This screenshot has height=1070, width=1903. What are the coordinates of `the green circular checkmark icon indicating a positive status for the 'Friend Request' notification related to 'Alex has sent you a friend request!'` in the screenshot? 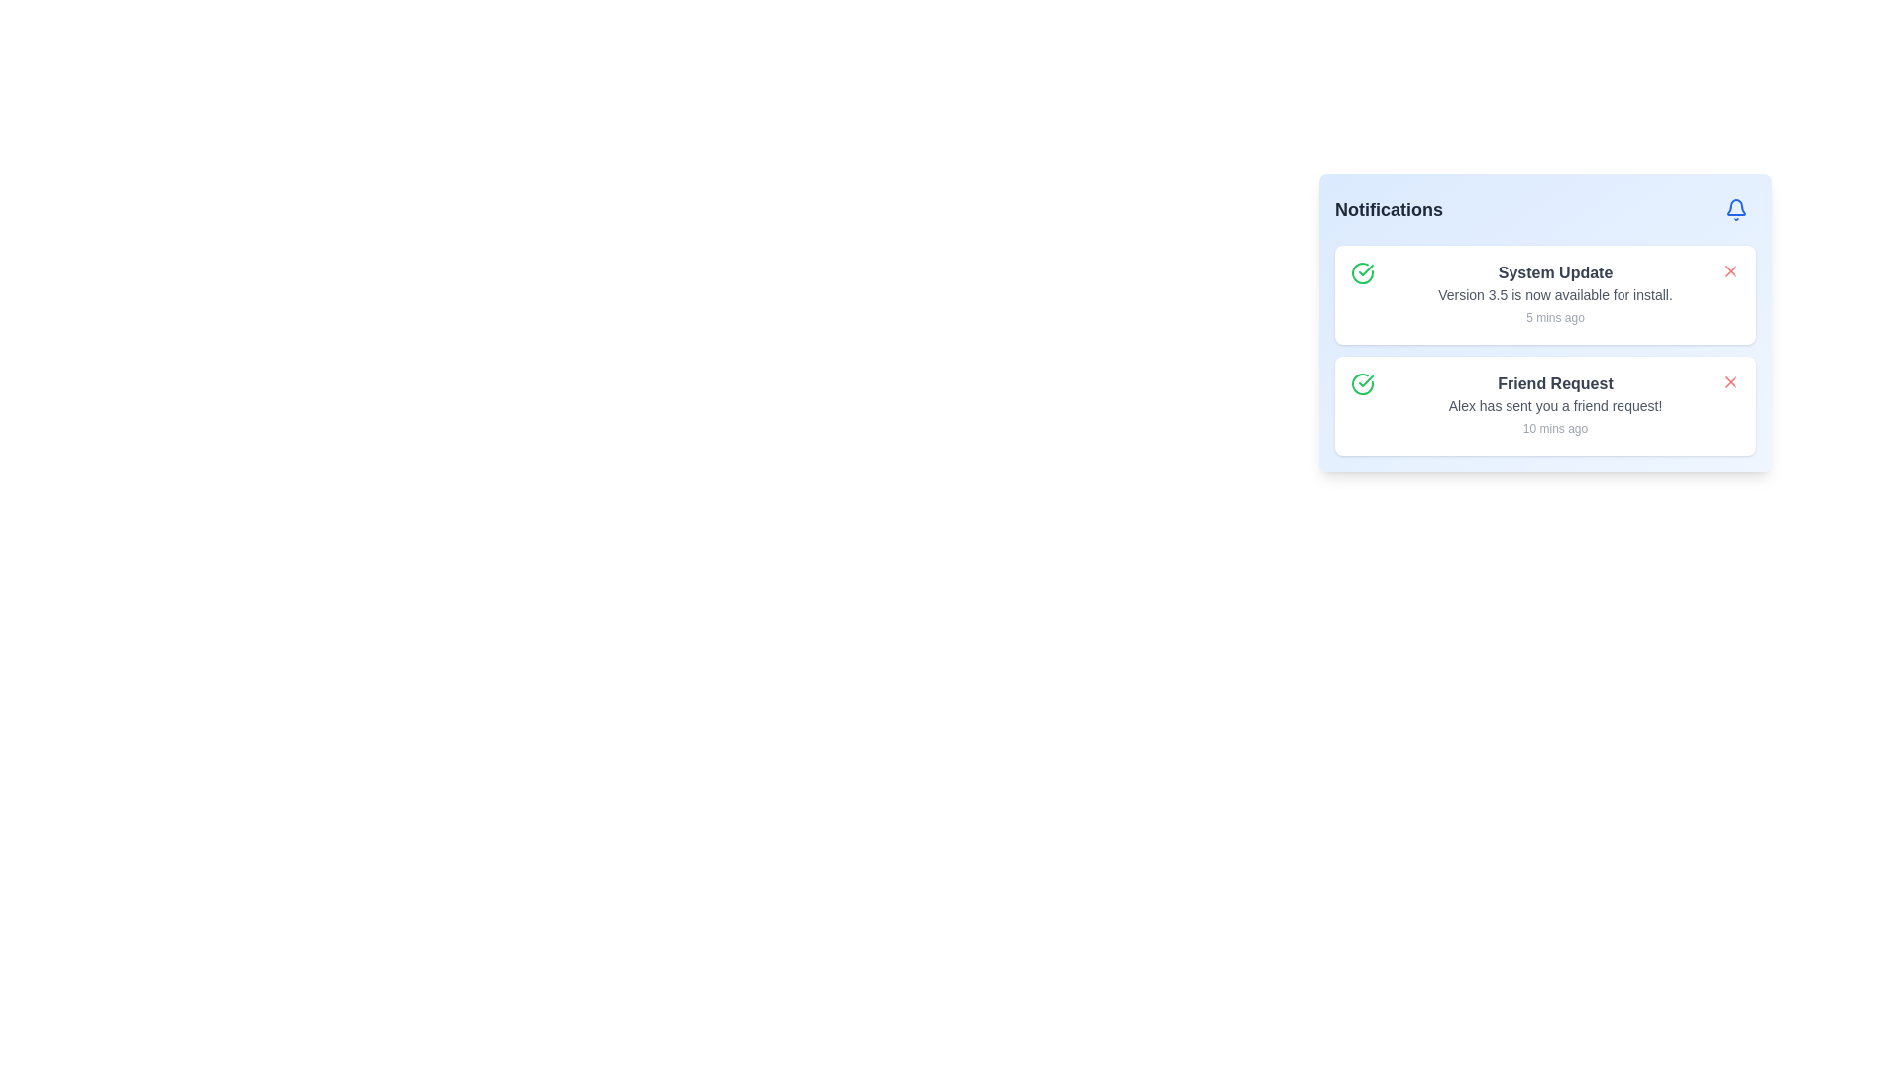 It's located at (1361, 384).